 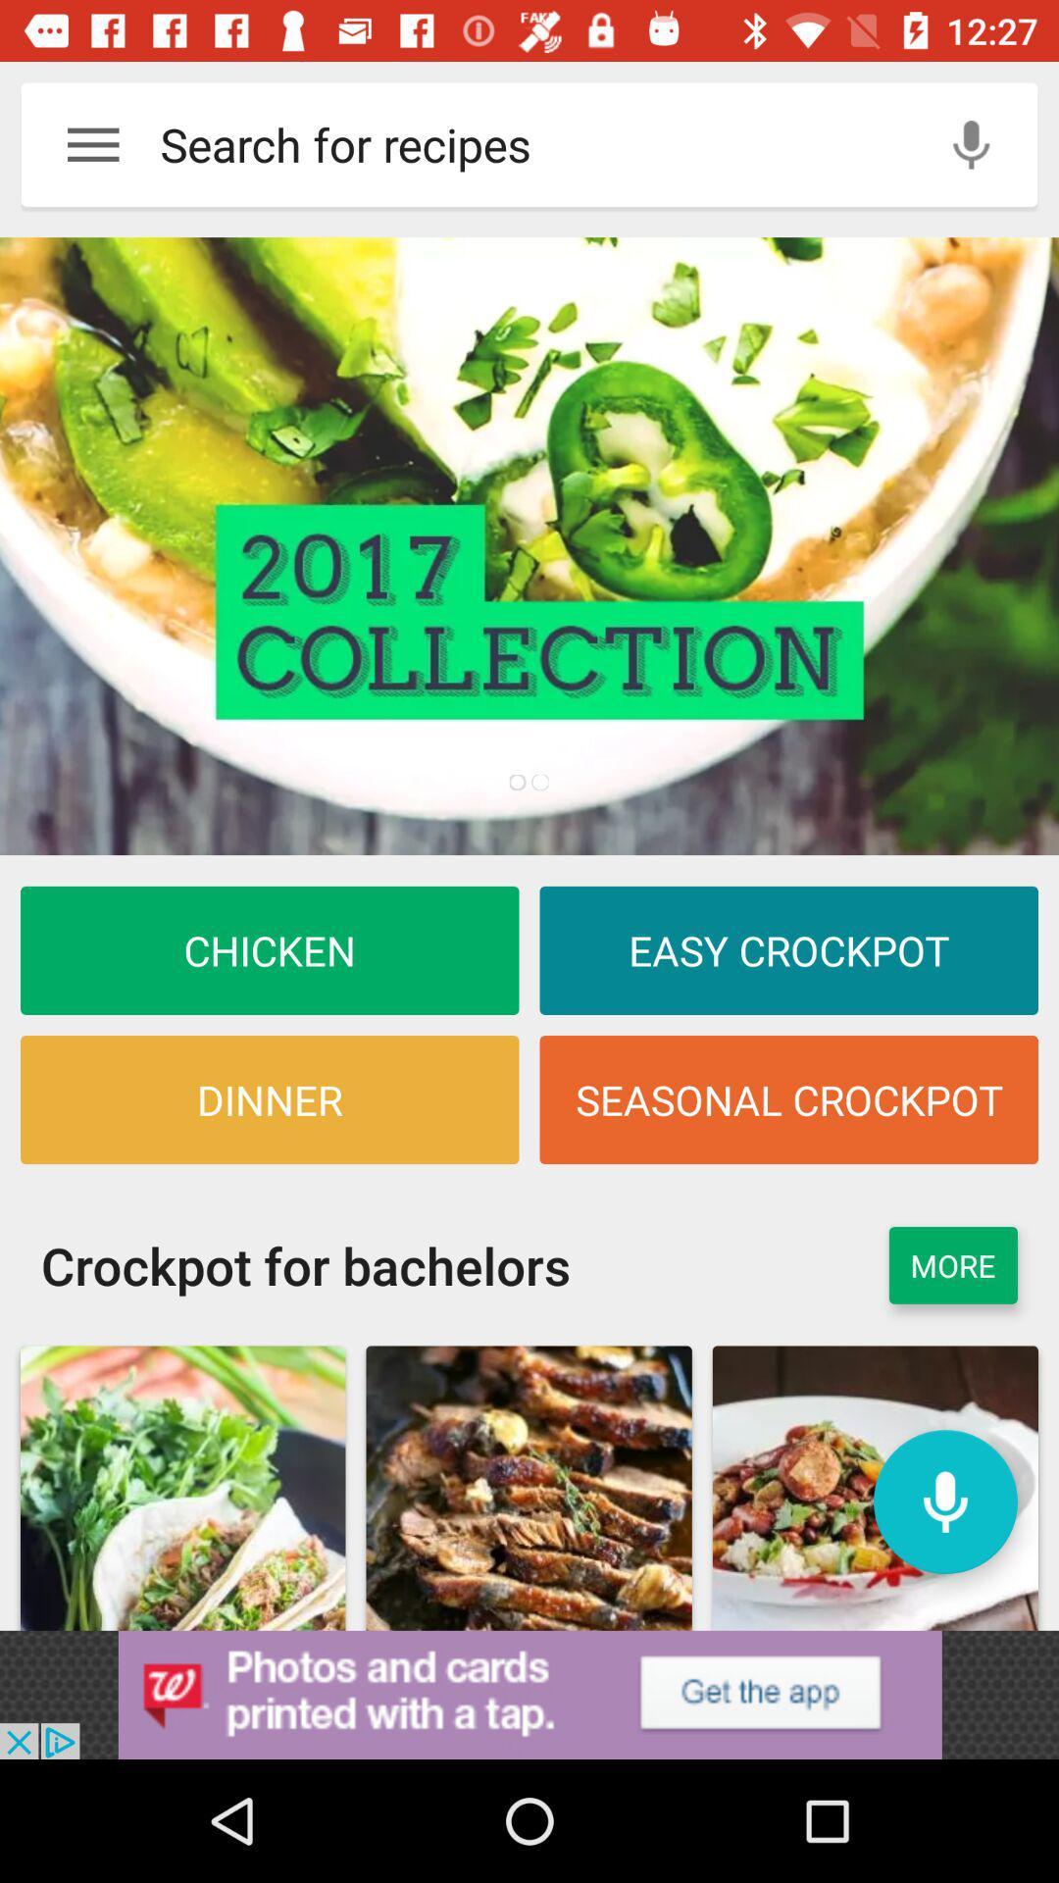 What do you see at coordinates (944, 1501) in the screenshot?
I see `microphone` at bounding box center [944, 1501].